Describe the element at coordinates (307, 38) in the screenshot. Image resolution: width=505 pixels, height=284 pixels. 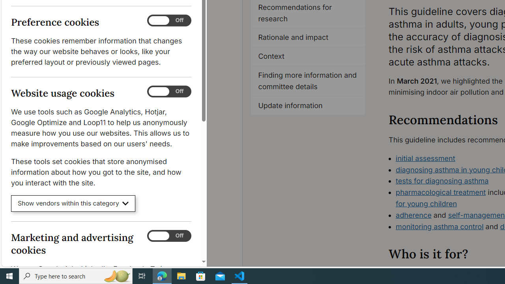
I see `'Rationale and impact'` at that location.